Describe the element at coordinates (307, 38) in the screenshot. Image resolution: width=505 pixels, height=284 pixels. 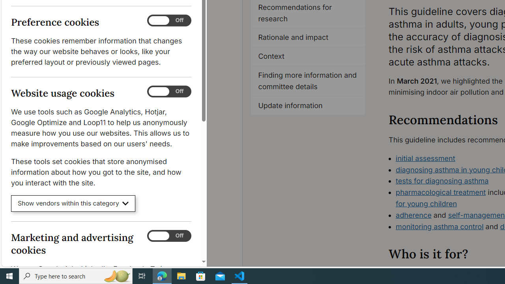
I see `'Rationale and impact'` at that location.